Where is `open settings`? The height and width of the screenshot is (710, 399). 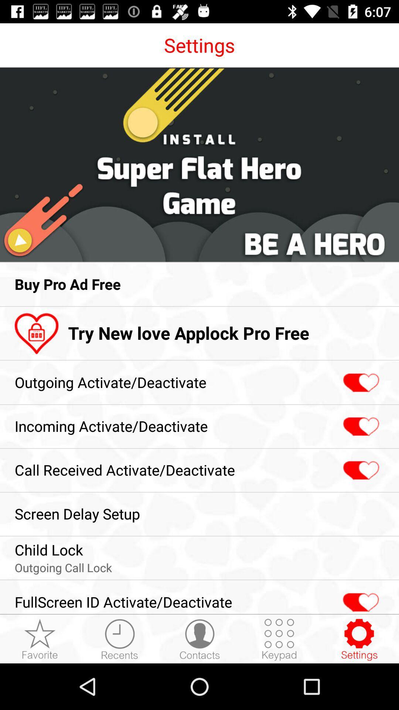 open settings is located at coordinates (359, 639).